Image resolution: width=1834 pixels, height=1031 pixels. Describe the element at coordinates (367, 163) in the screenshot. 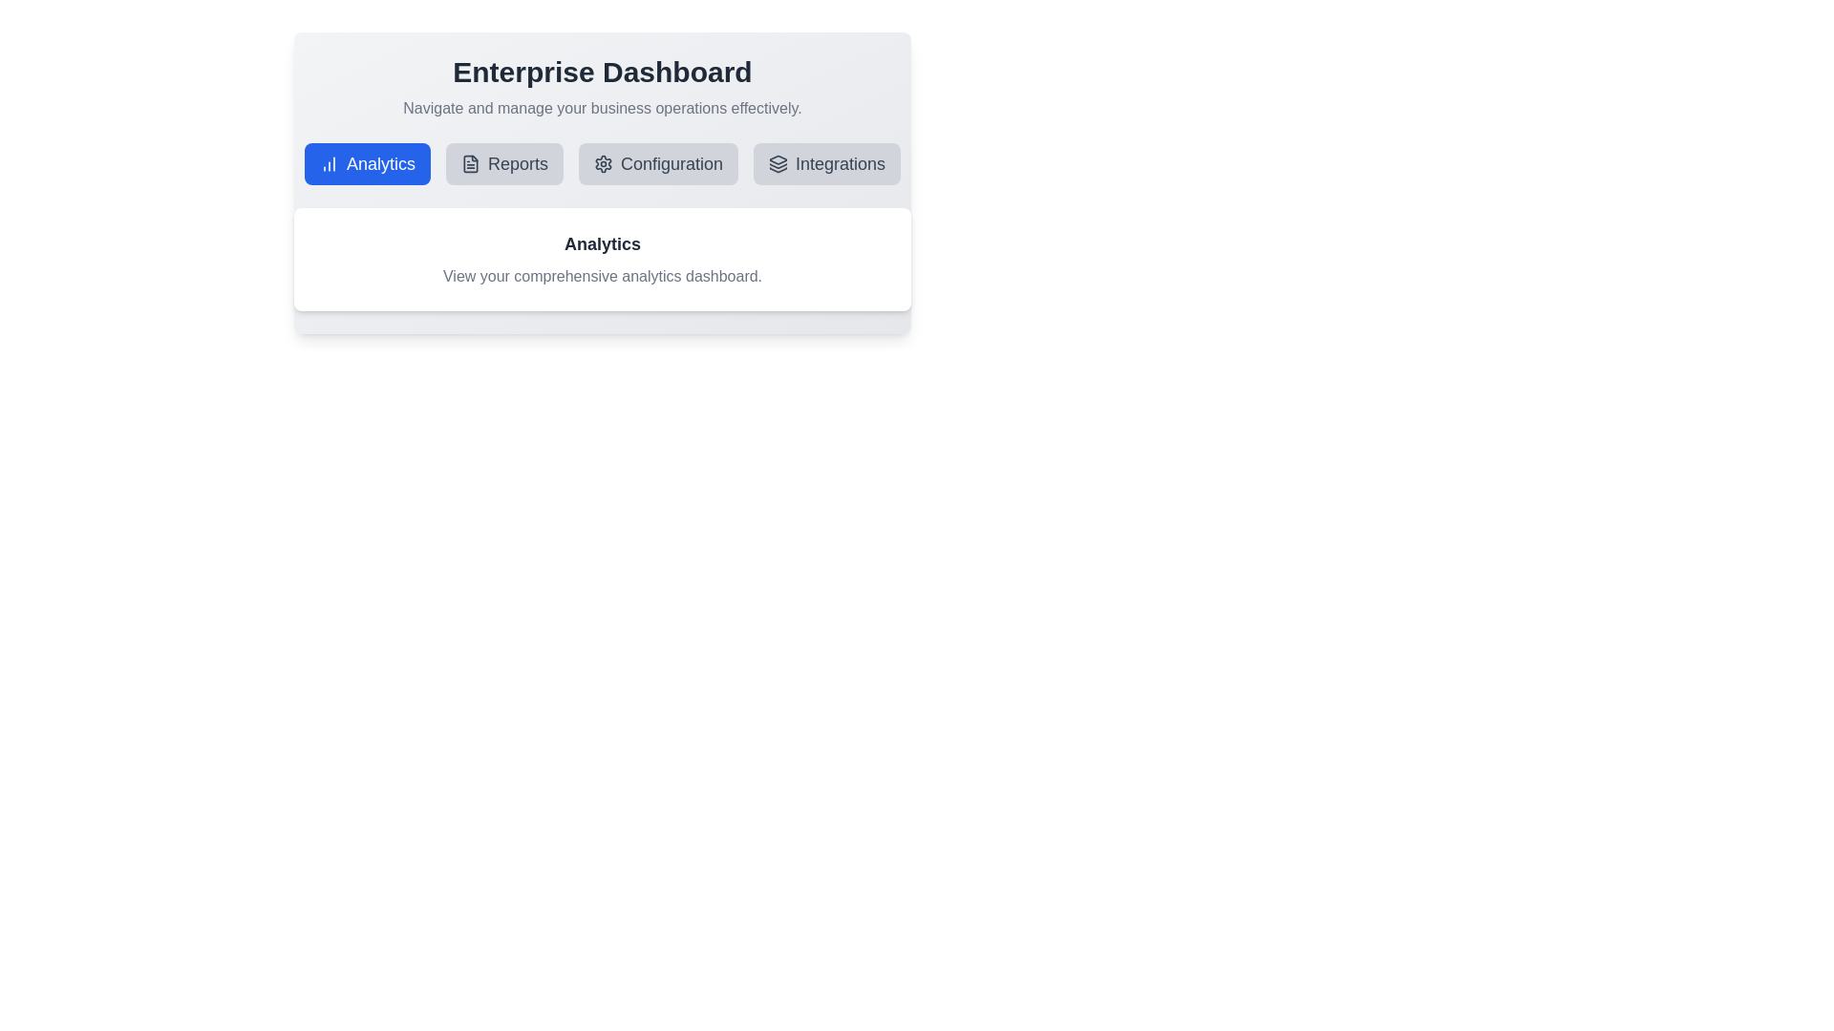

I see `the tab labeled Analytics` at that location.